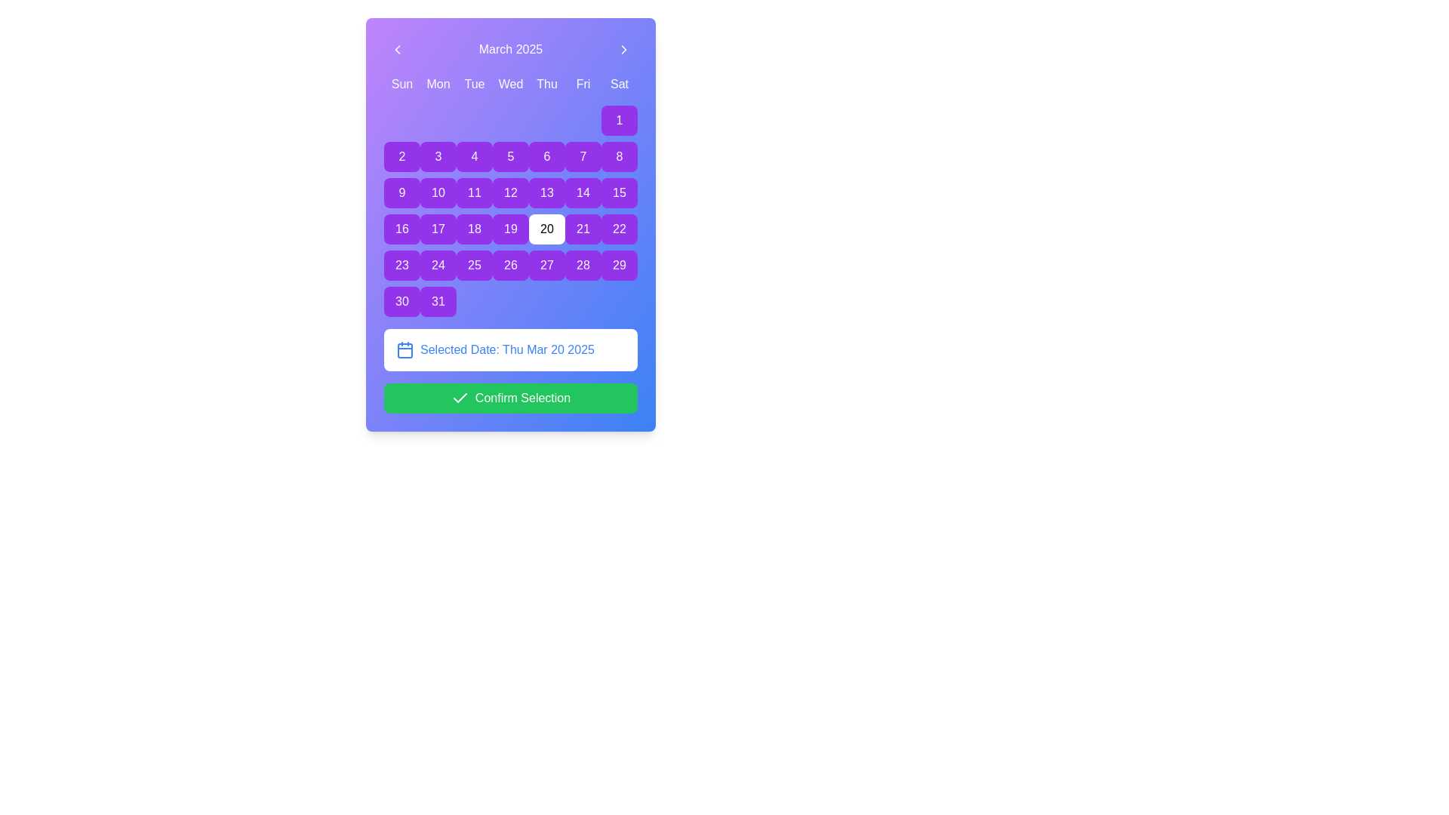 The width and height of the screenshot is (1449, 815). What do you see at coordinates (623, 48) in the screenshot?
I see `the Chevron right icon located in the upper-right corner of the calendar interface, adjacent` at bounding box center [623, 48].